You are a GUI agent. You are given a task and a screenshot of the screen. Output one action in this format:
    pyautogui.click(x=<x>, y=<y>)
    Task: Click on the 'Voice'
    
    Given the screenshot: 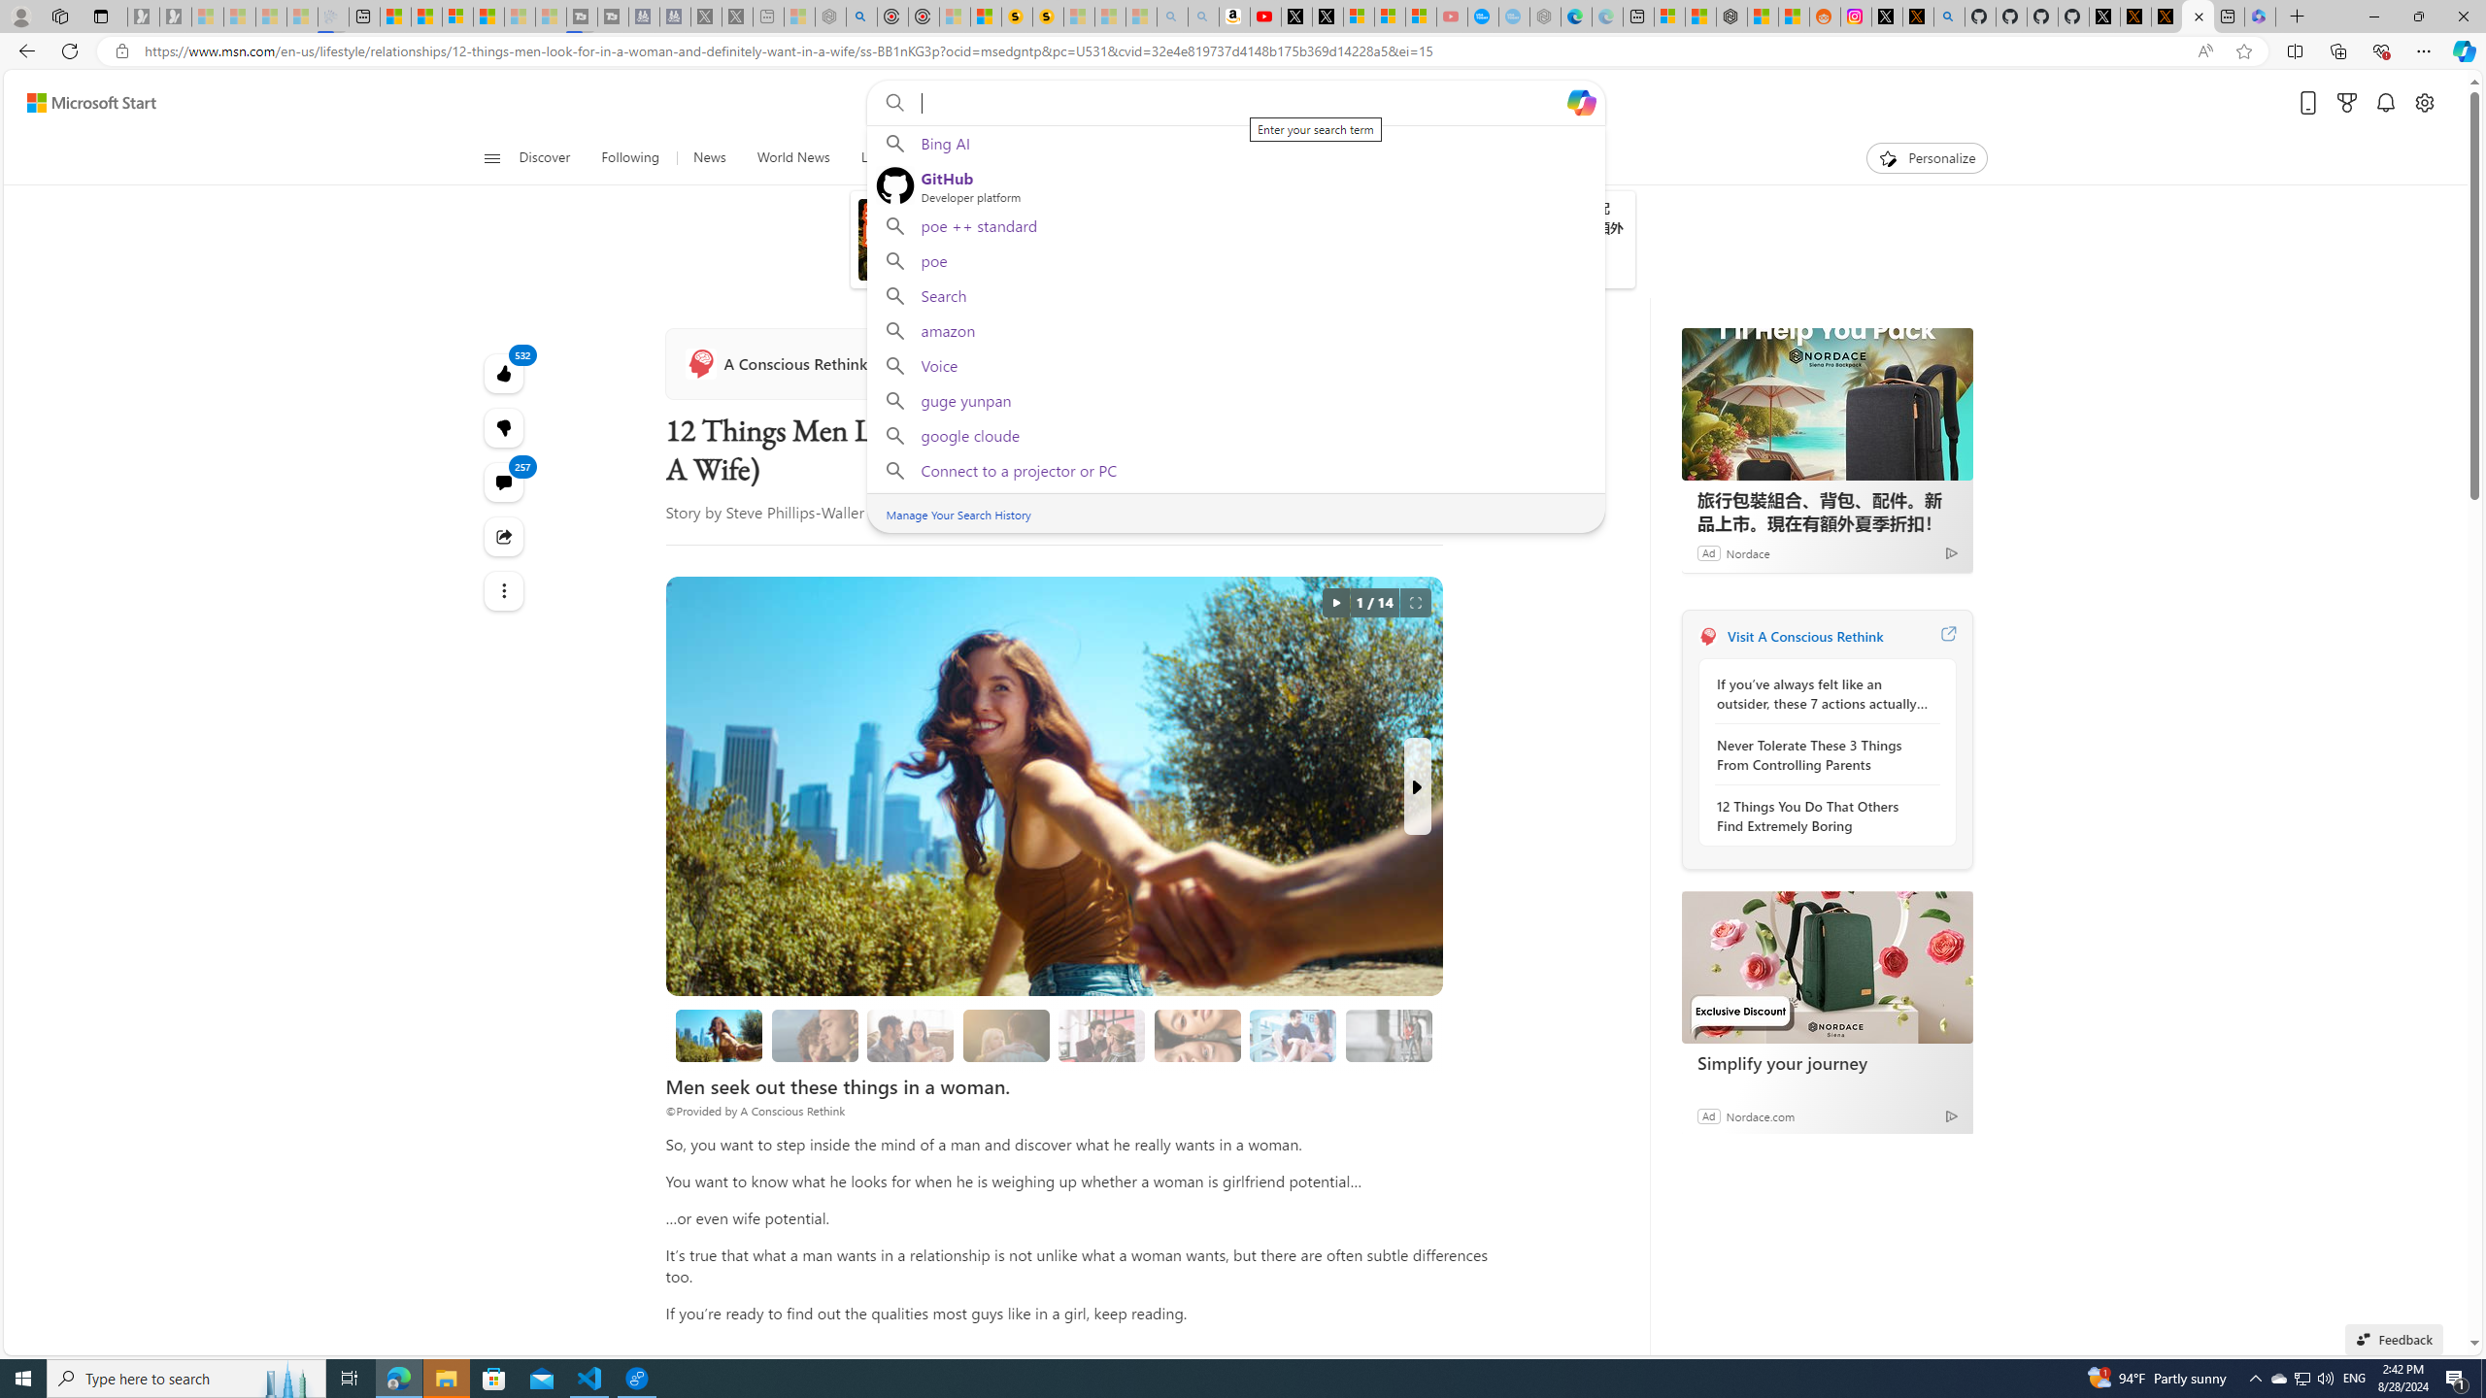 What is the action you would take?
    pyautogui.click(x=1234, y=364)
    